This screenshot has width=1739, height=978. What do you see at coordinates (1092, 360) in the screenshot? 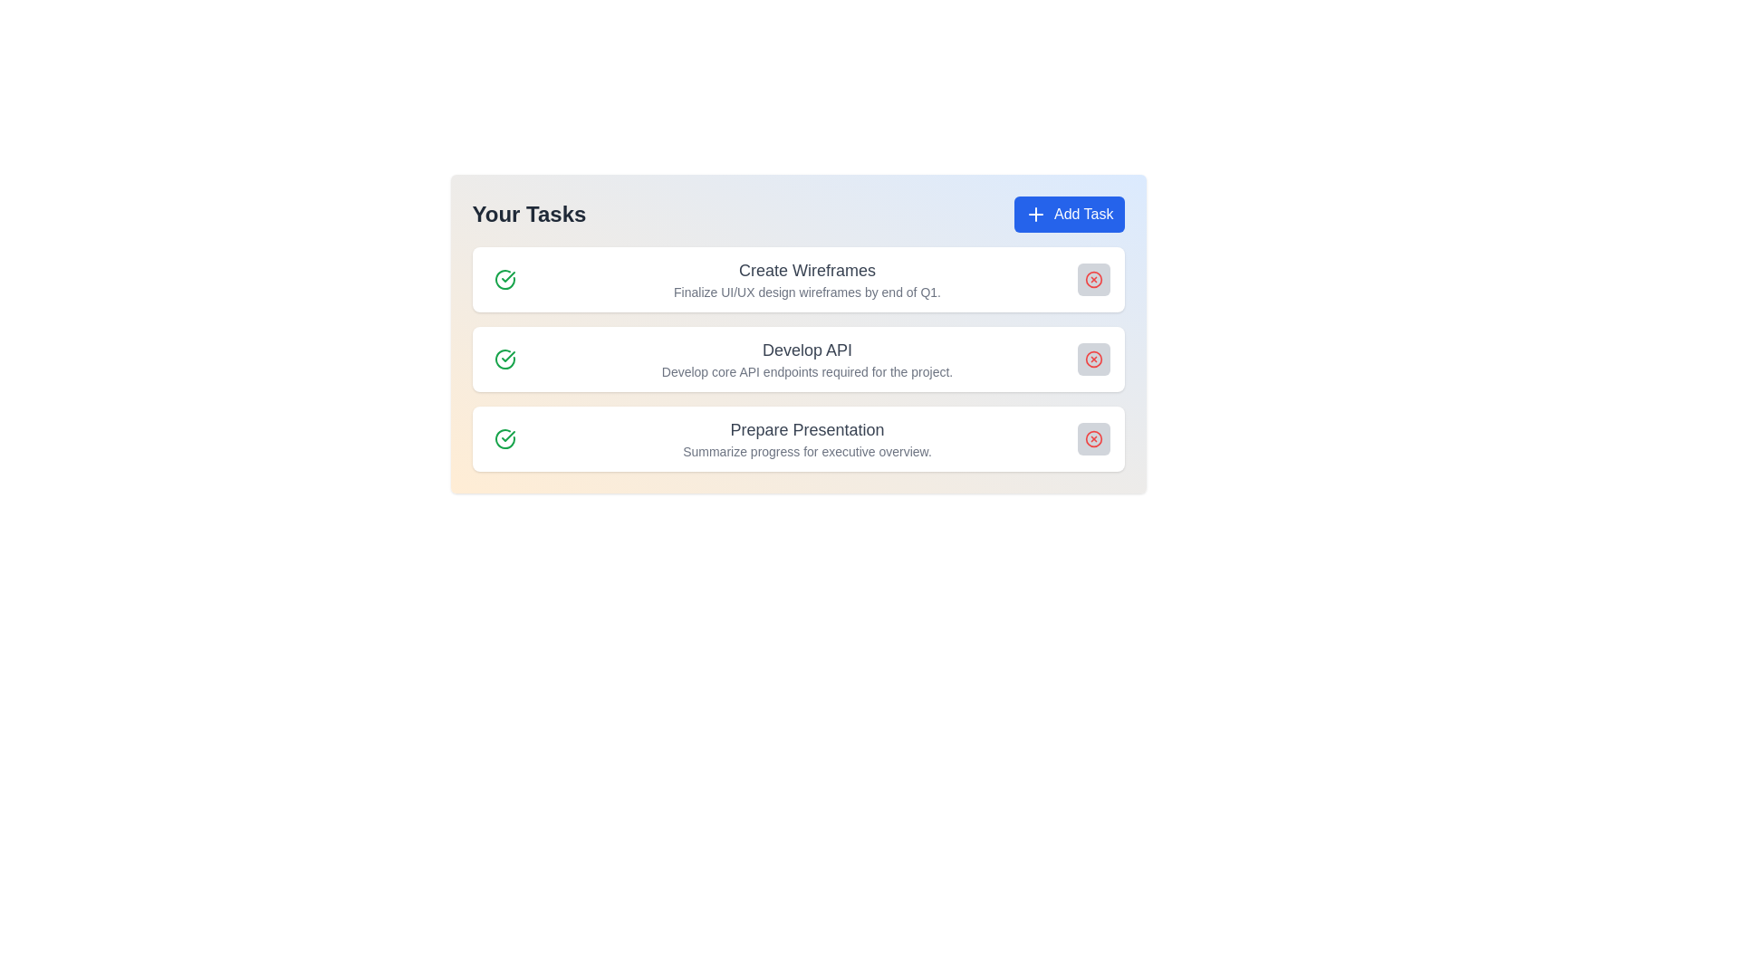
I see `the third 'remove' button located to the right of the 'Develop API' task description to change its background color` at bounding box center [1092, 360].